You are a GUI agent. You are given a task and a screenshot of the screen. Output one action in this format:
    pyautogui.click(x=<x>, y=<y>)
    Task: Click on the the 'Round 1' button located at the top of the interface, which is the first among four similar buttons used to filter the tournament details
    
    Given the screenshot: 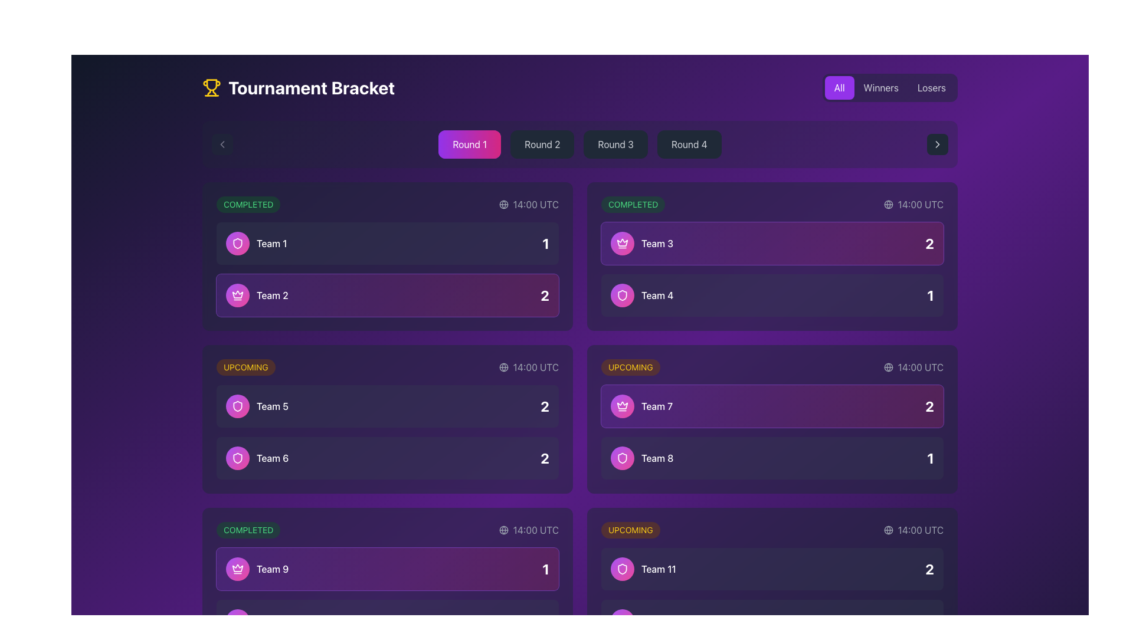 What is the action you would take?
    pyautogui.click(x=469, y=144)
    